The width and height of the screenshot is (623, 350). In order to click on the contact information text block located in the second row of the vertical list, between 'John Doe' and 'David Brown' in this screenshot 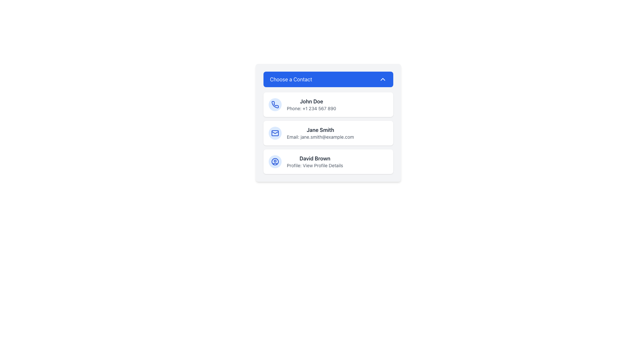, I will do `click(320, 133)`.